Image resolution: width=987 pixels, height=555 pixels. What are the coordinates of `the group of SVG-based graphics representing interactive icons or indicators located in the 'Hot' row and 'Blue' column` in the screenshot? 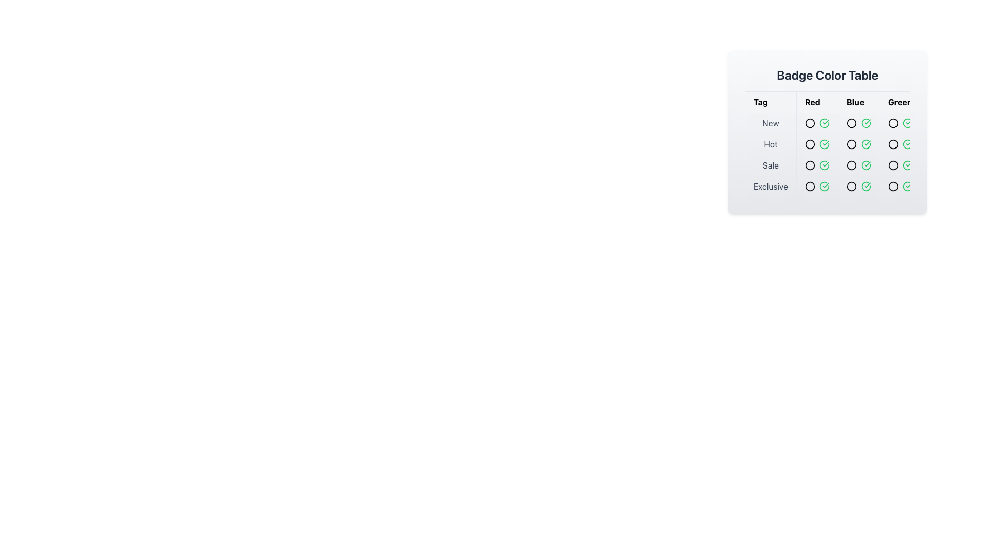 It's located at (858, 144).